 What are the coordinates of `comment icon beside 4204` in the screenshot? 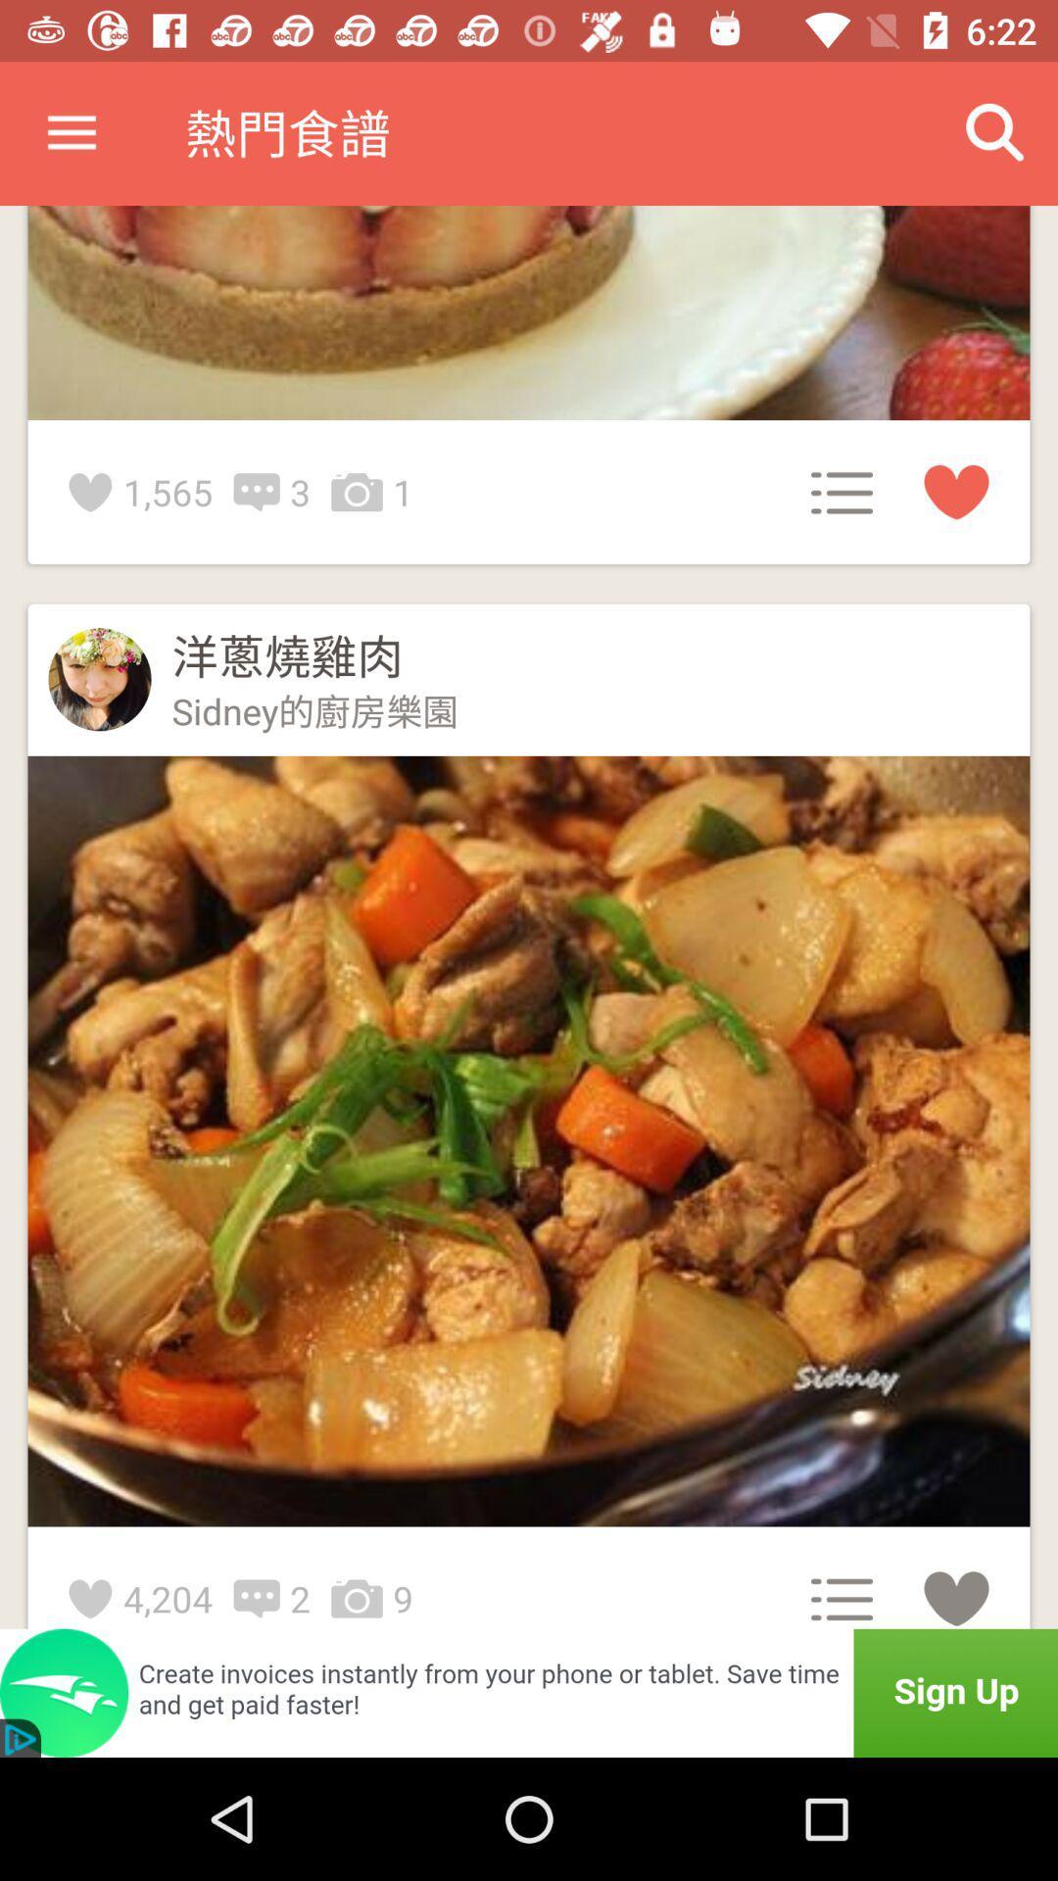 It's located at (261, 1599).